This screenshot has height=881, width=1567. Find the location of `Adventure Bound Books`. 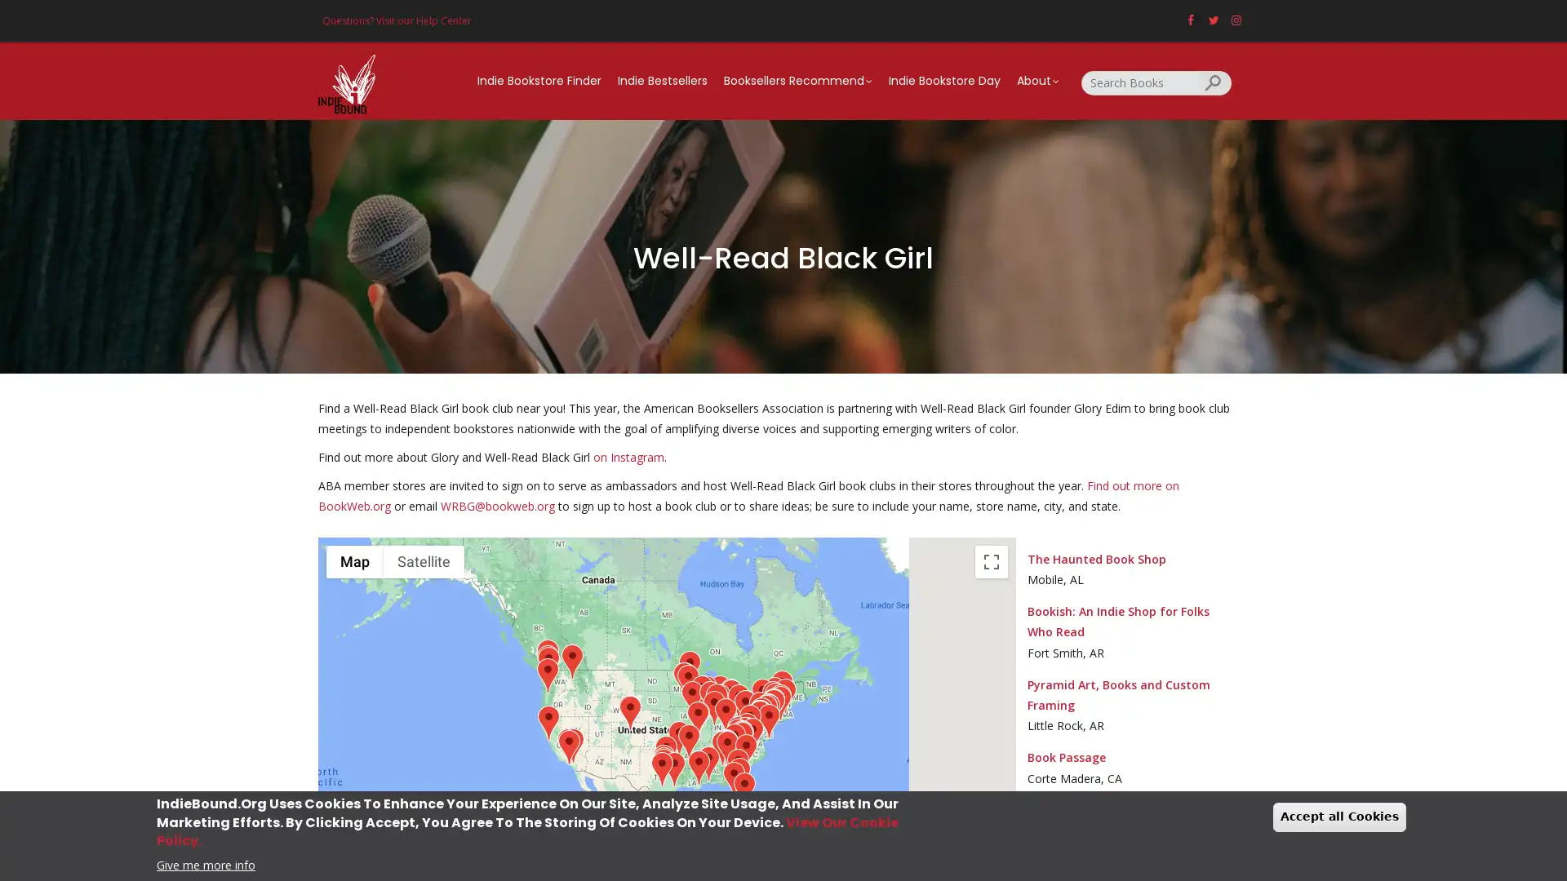

Adventure Bound Books is located at coordinates (736, 735).